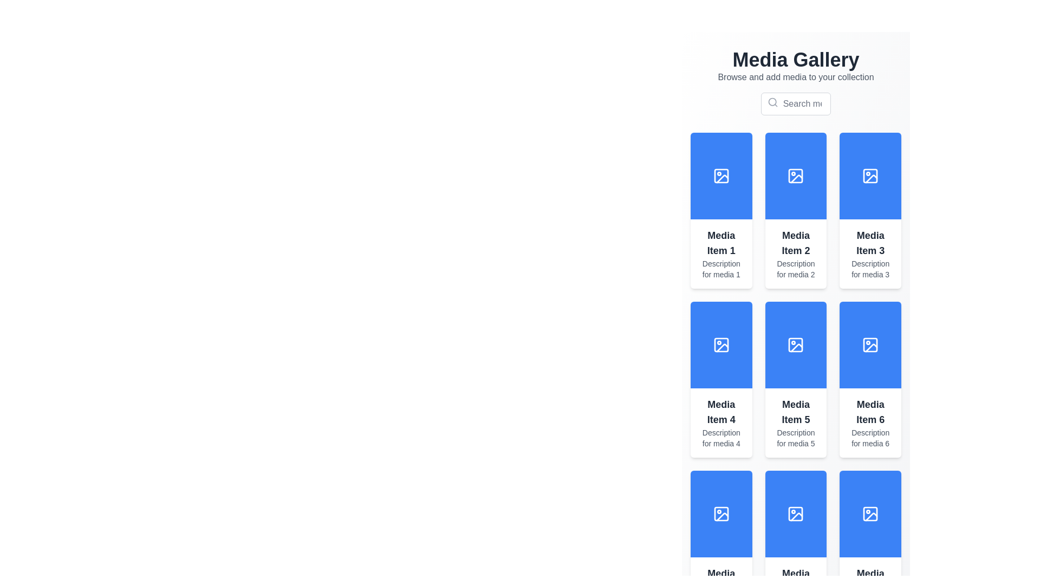 This screenshot has height=585, width=1040. I want to click on the small rounded rectangle icon located in the top left corner of 'Media Item 4', so click(721, 344).